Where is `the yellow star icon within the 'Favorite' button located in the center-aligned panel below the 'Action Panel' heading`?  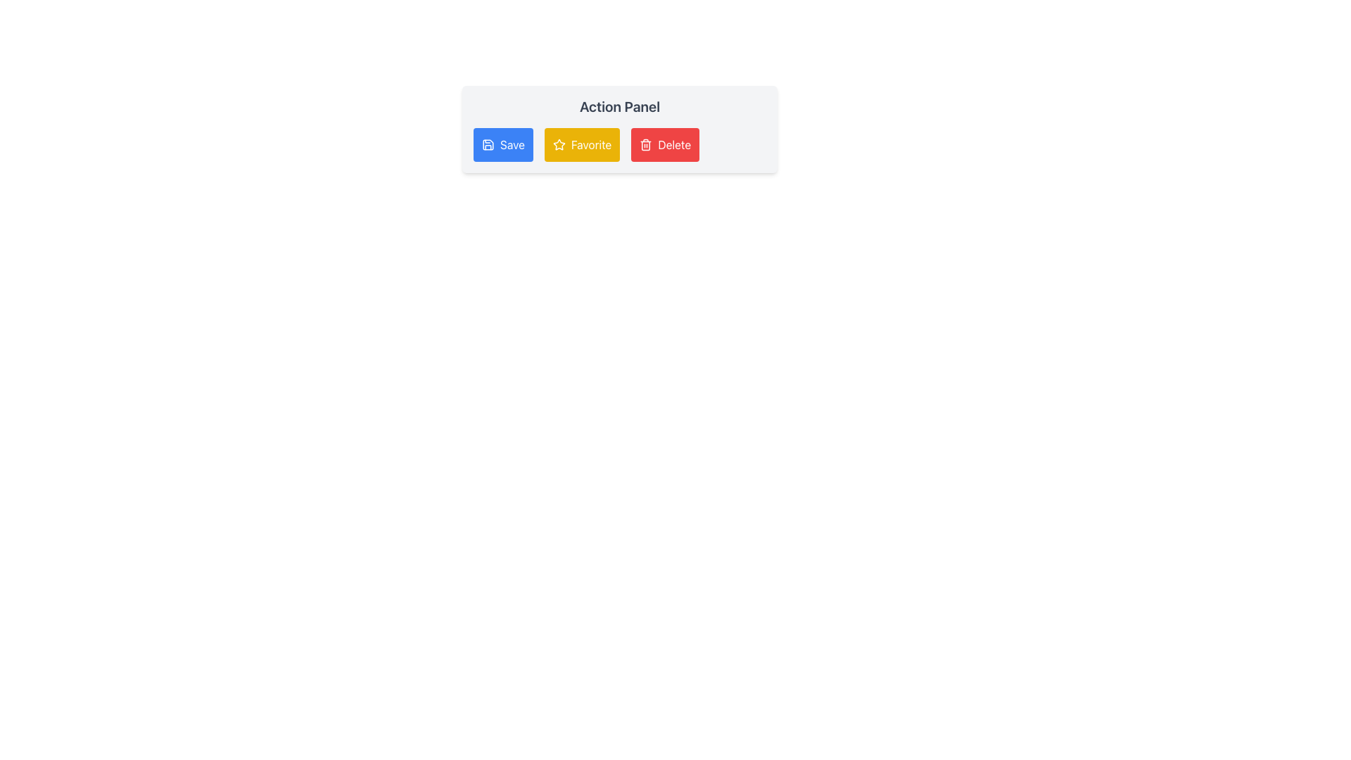 the yellow star icon within the 'Favorite' button located in the center-aligned panel below the 'Action Panel' heading is located at coordinates (558, 144).